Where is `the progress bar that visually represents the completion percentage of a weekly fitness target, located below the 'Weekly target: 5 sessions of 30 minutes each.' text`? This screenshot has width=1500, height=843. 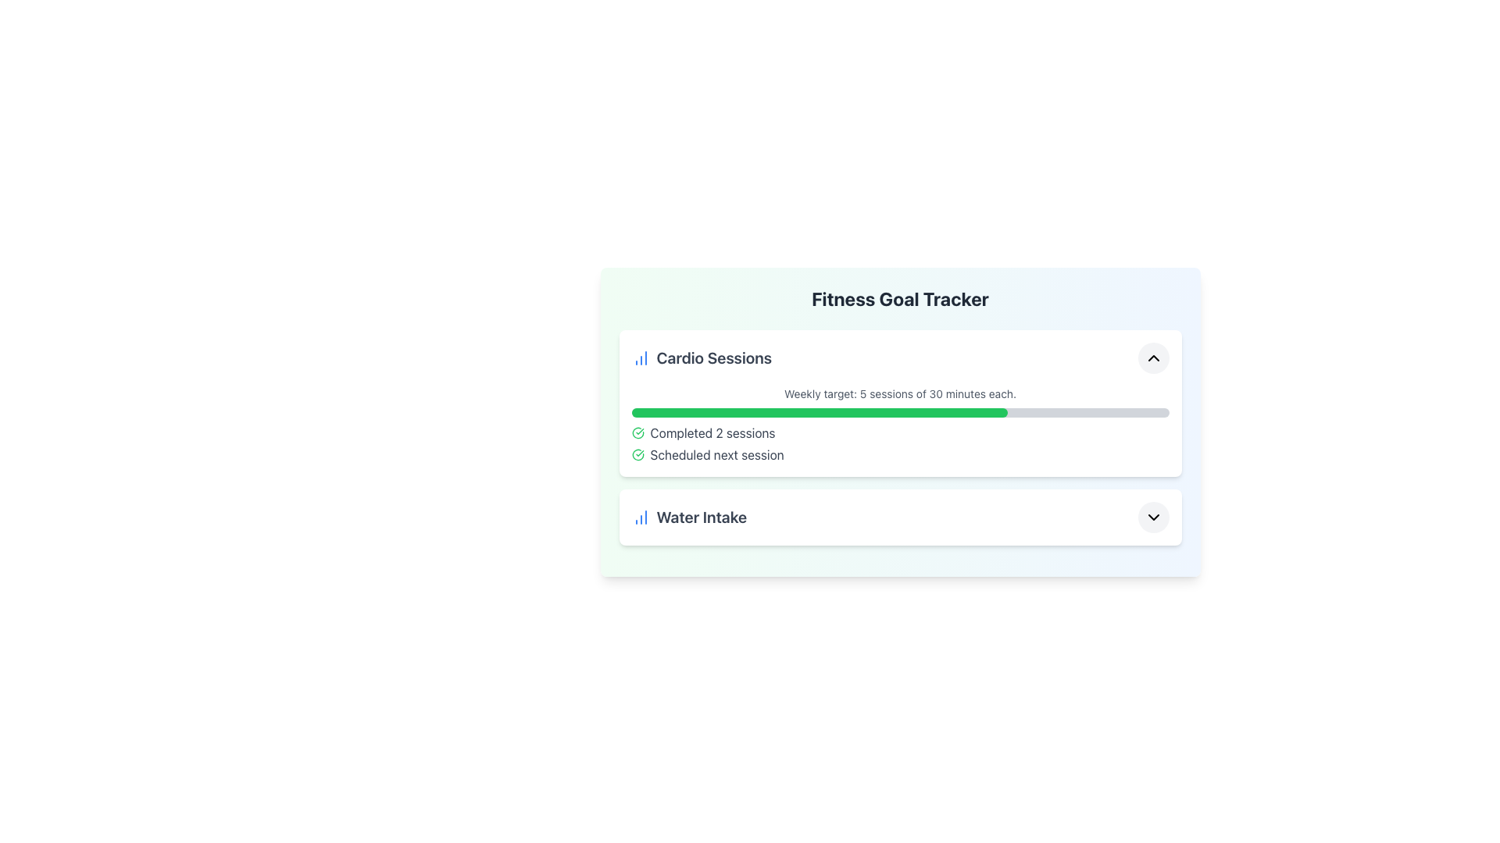 the progress bar that visually represents the completion percentage of a weekly fitness target, located below the 'Weekly target: 5 sessions of 30 minutes each.' text is located at coordinates (900, 411).